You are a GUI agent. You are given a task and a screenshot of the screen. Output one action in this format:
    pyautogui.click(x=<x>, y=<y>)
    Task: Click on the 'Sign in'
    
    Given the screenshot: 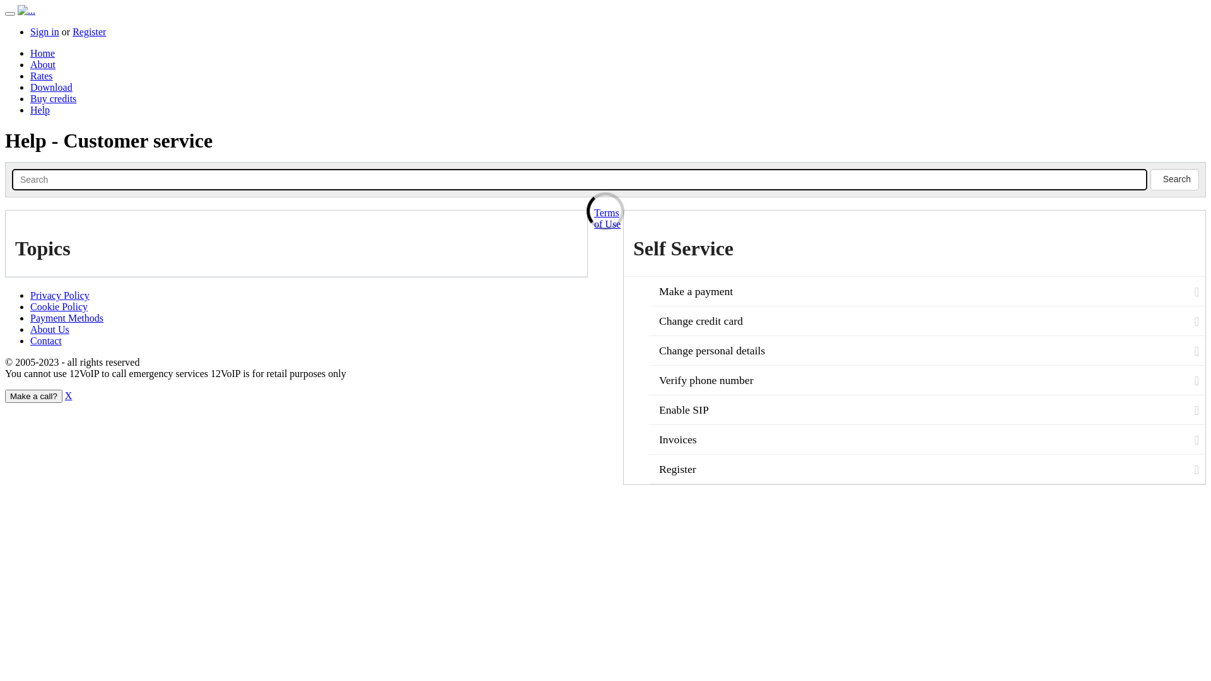 What is the action you would take?
    pyautogui.click(x=45, y=31)
    